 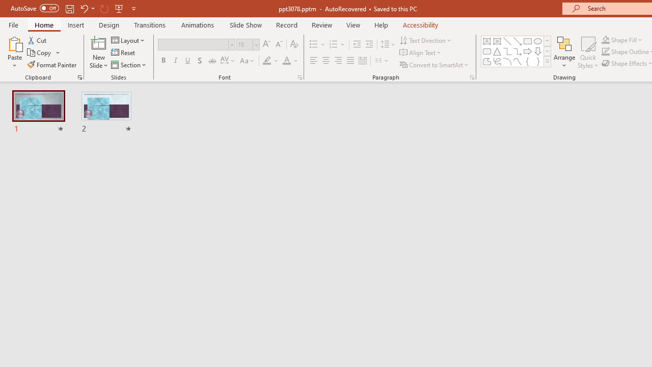 I want to click on 'Justify', so click(x=350, y=61).